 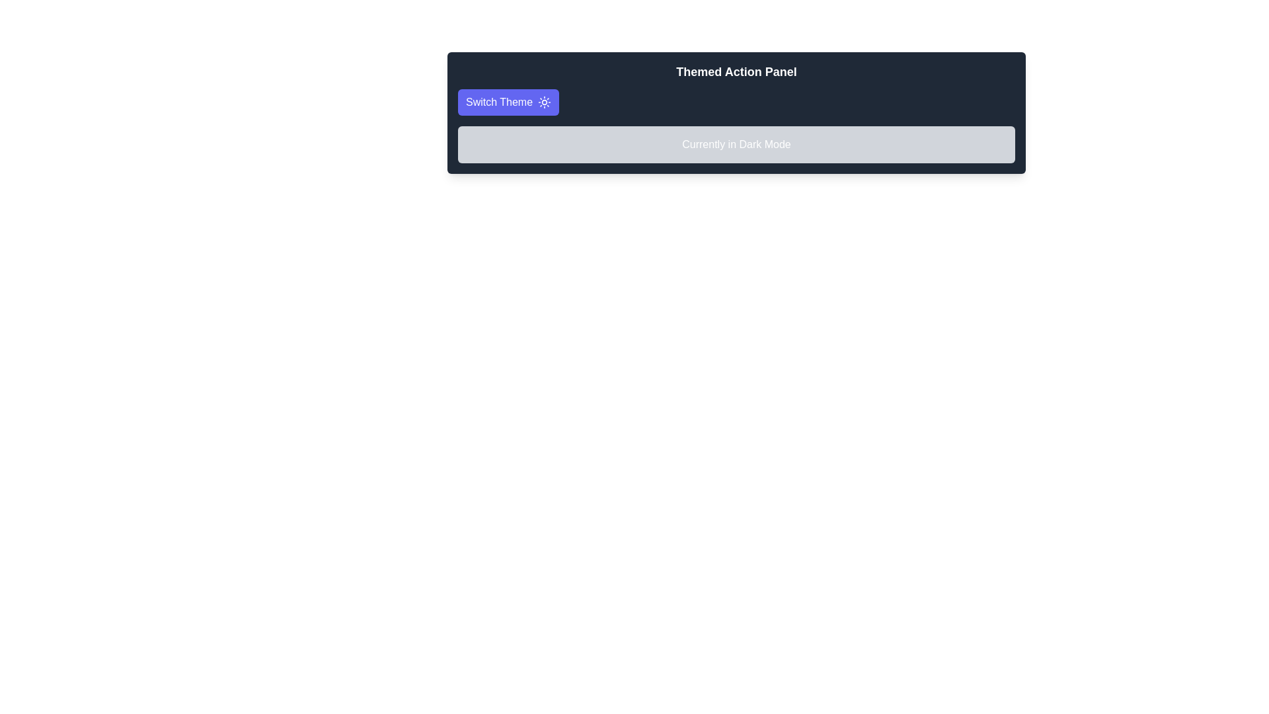 What do you see at coordinates (545, 101) in the screenshot?
I see `the sun icon located at the right end of the 'Switch Theme' button` at bounding box center [545, 101].